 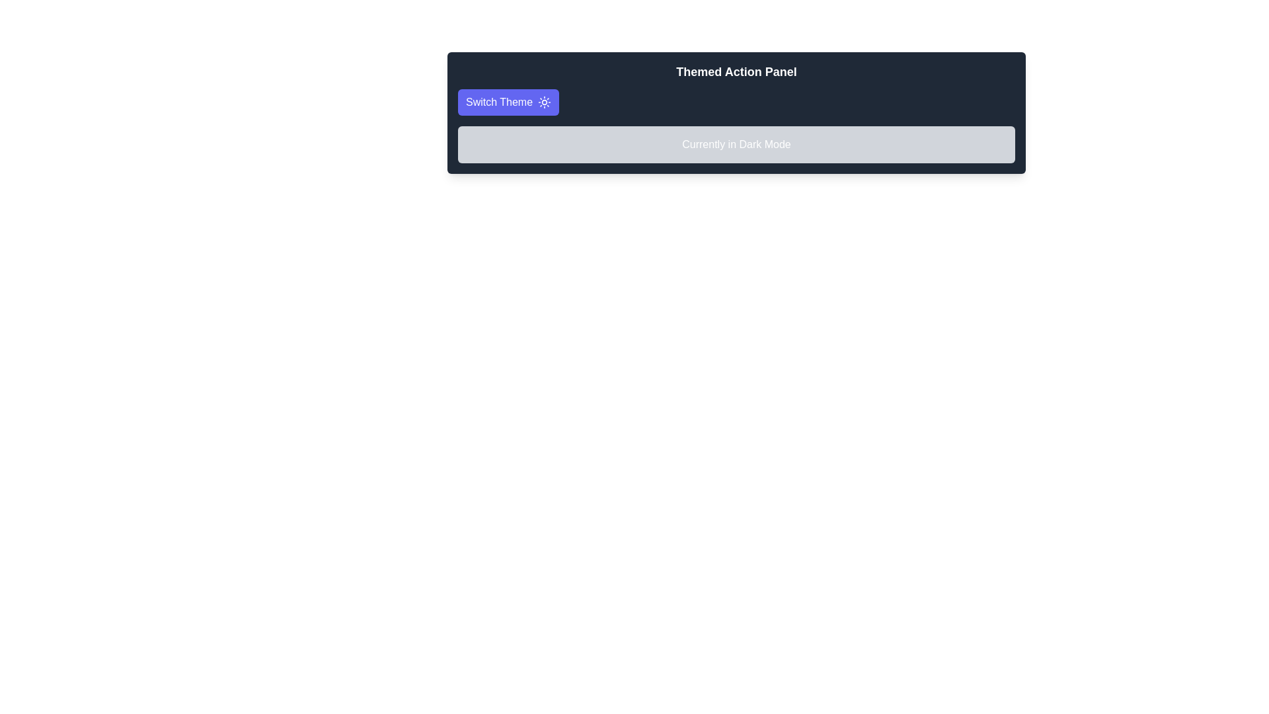 What do you see at coordinates (545, 101) in the screenshot?
I see `the sun icon located at the right end of the 'Switch Theme' button` at bounding box center [545, 101].